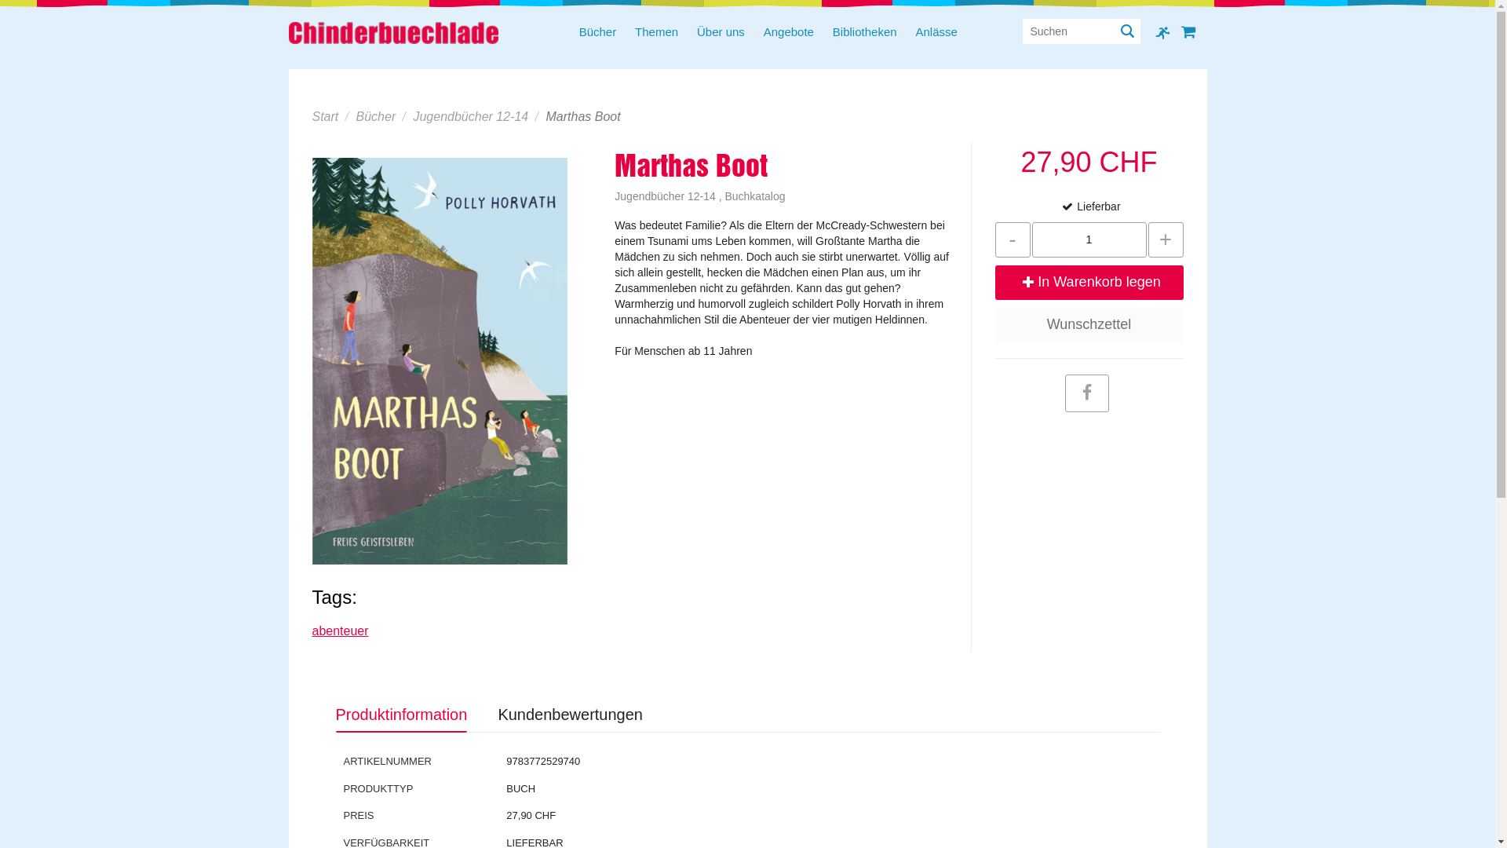  What do you see at coordinates (1088, 323) in the screenshot?
I see `'Wunschzettel'` at bounding box center [1088, 323].